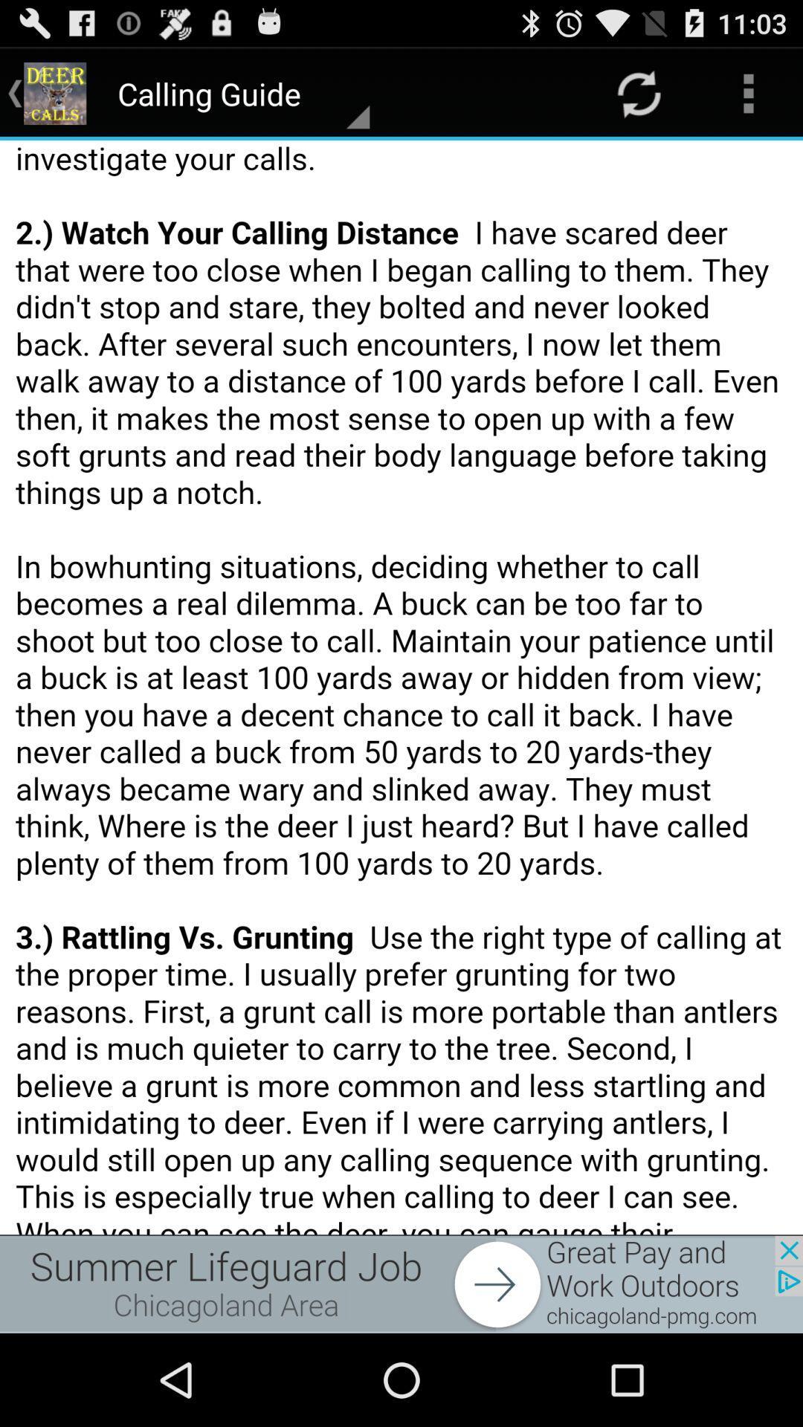 The height and width of the screenshot is (1427, 803). I want to click on colour pinter, so click(401, 687).